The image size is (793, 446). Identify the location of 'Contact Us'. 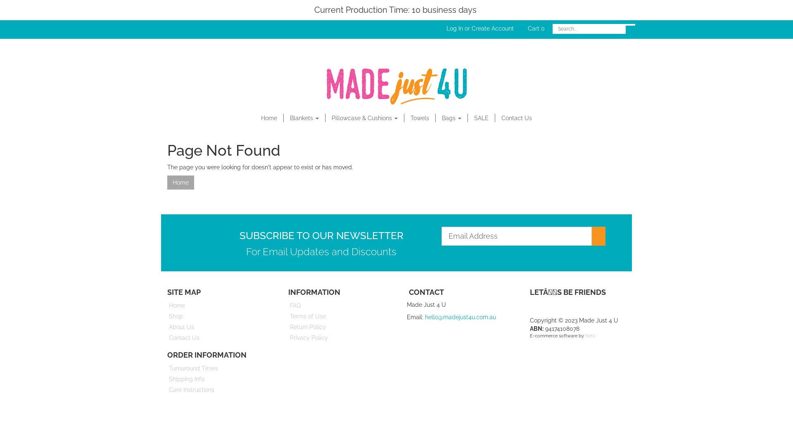
(516, 118).